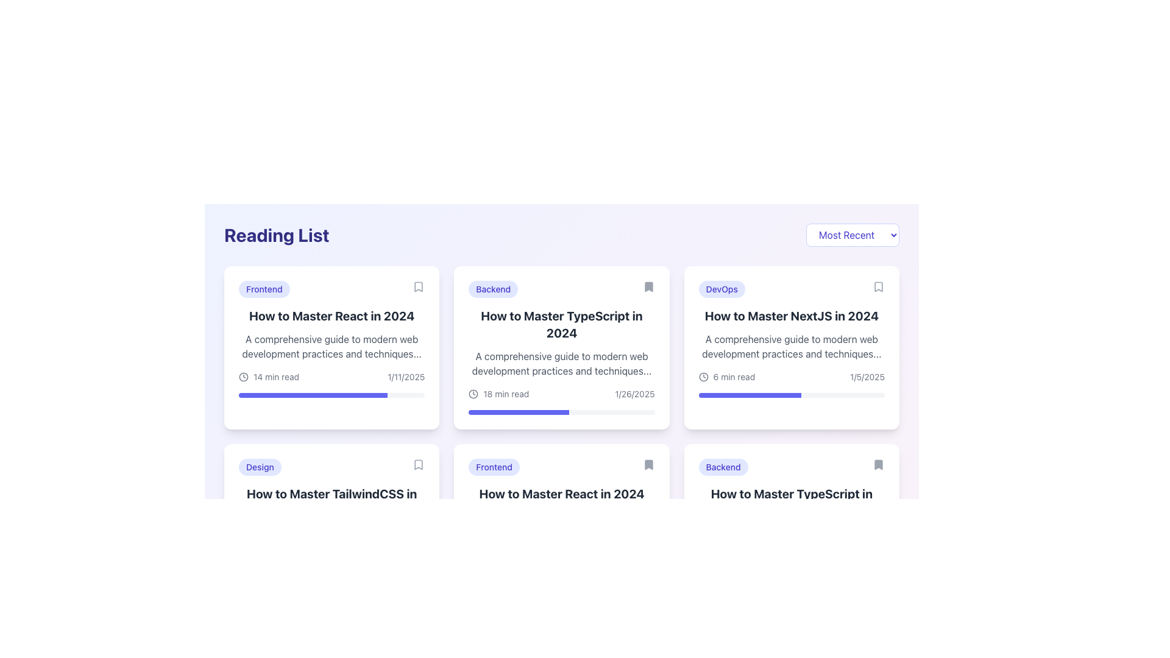 The height and width of the screenshot is (658, 1170). Describe the element at coordinates (419, 286) in the screenshot. I see `the bookmark icon button located in the top-right corner of the 'Frontend' card to focus on it using keyboard navigation` at that location.